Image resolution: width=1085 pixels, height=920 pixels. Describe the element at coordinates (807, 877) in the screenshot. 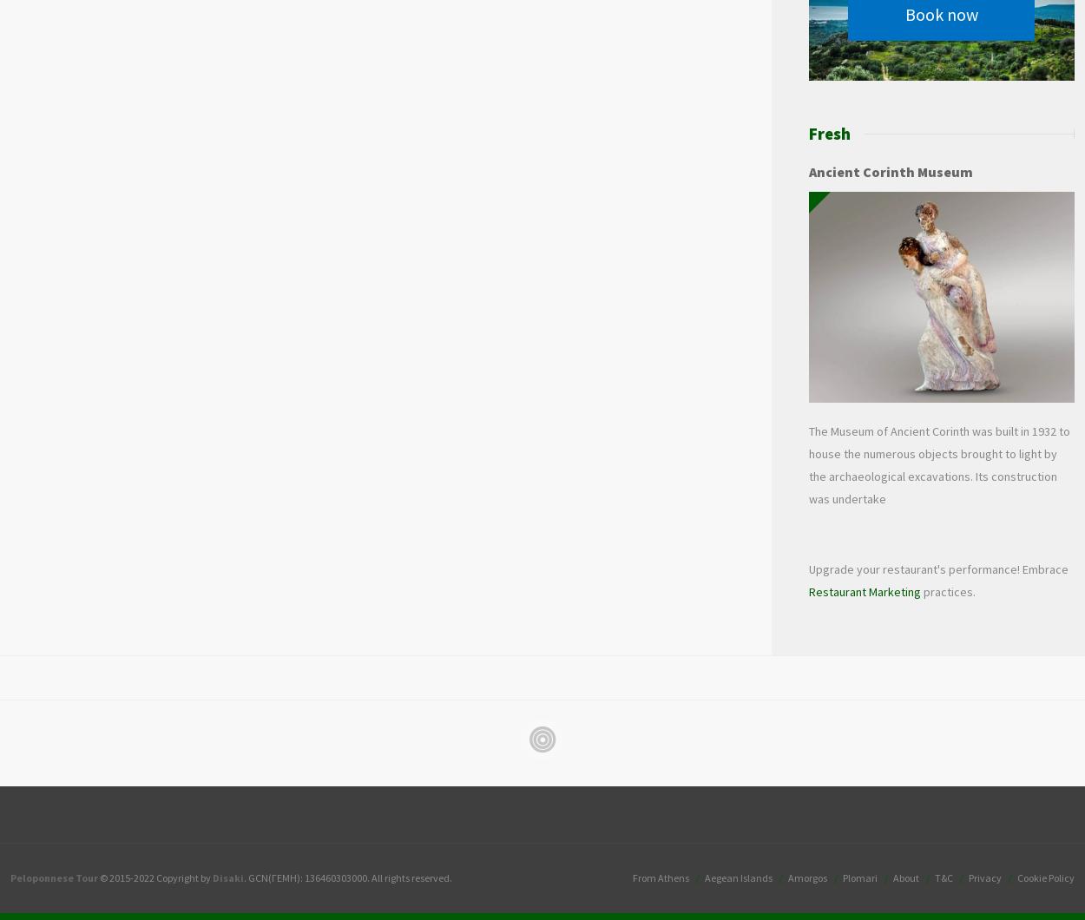

I see `'Amorgos'` at that location.